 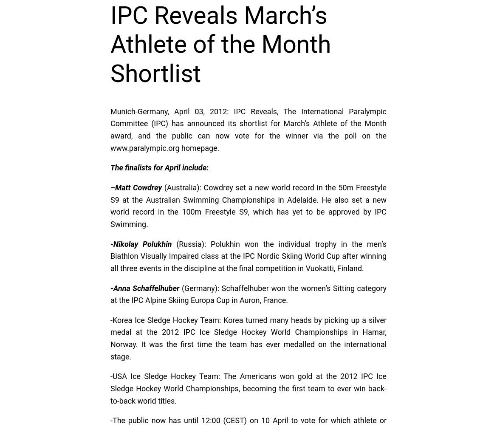 I want to click on 'IPC Reveals March’s Athlete of the Month Shortlist', so click(x=220, y=44).